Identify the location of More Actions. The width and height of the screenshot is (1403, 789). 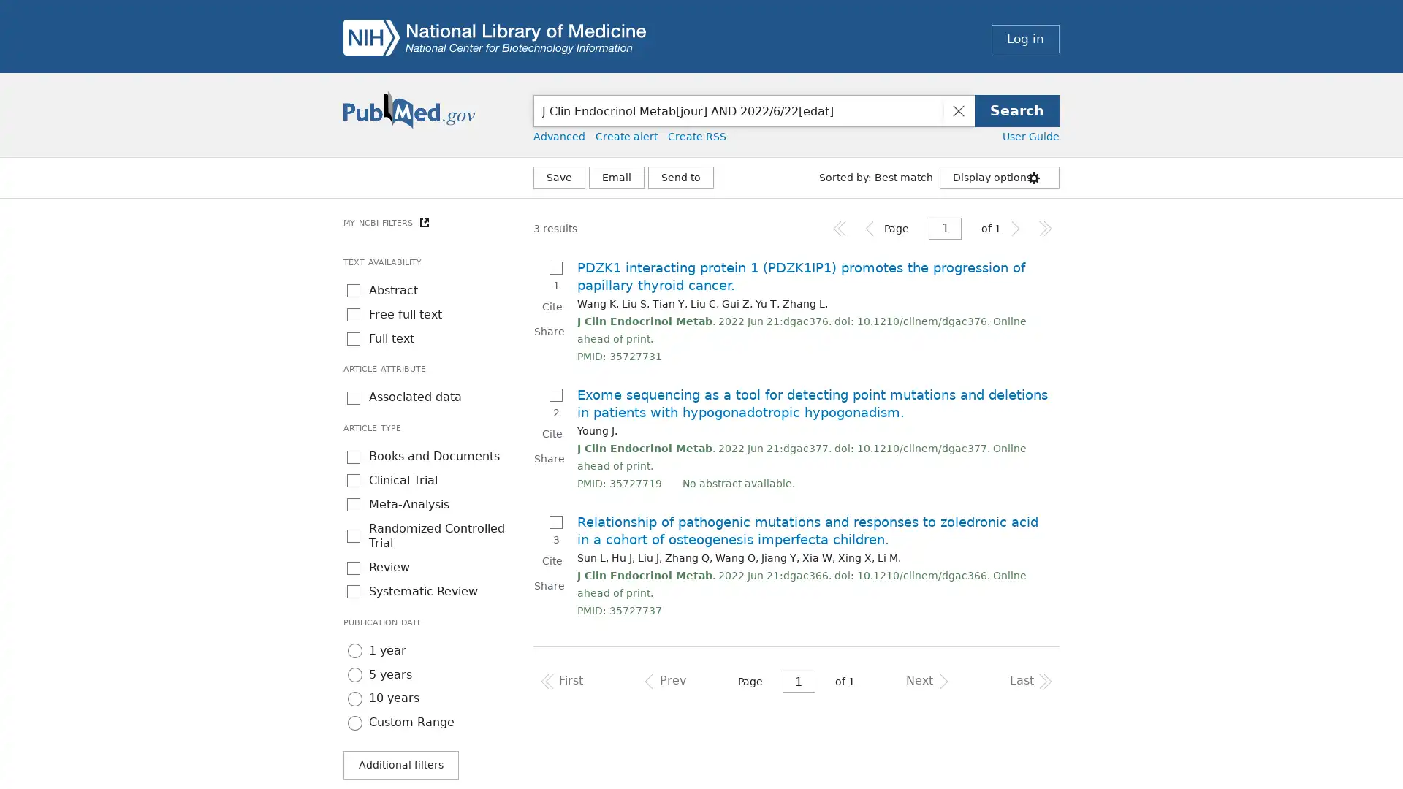
(680, 177).